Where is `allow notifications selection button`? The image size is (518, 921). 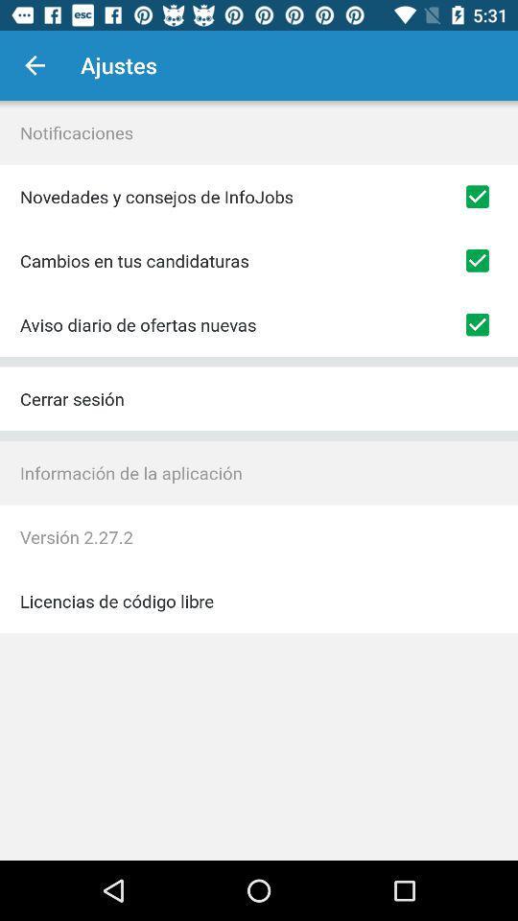
allow notifications selection button is located at coordinates (476, 197).